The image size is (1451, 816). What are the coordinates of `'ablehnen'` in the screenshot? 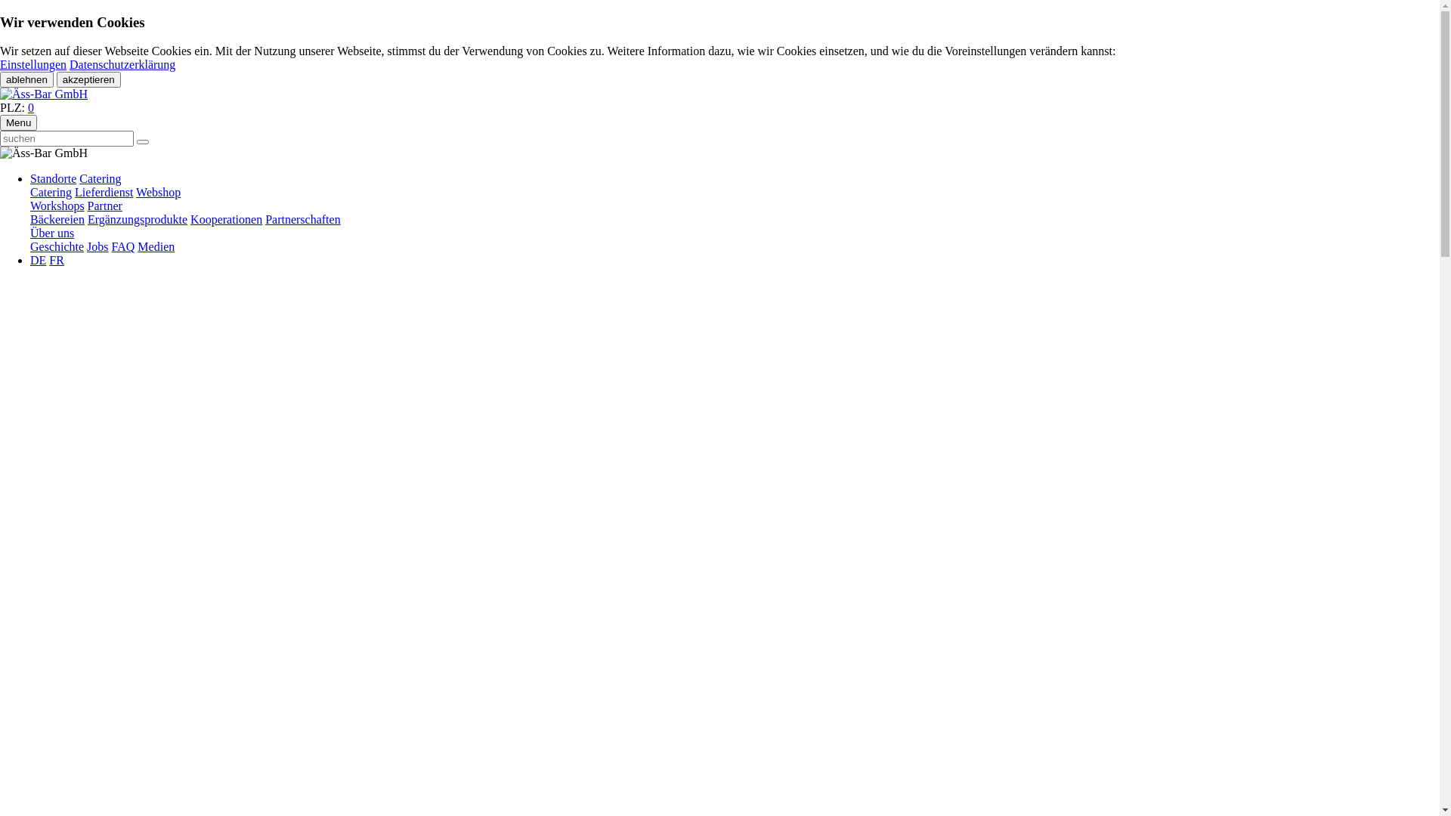 It's located at (26, 79).